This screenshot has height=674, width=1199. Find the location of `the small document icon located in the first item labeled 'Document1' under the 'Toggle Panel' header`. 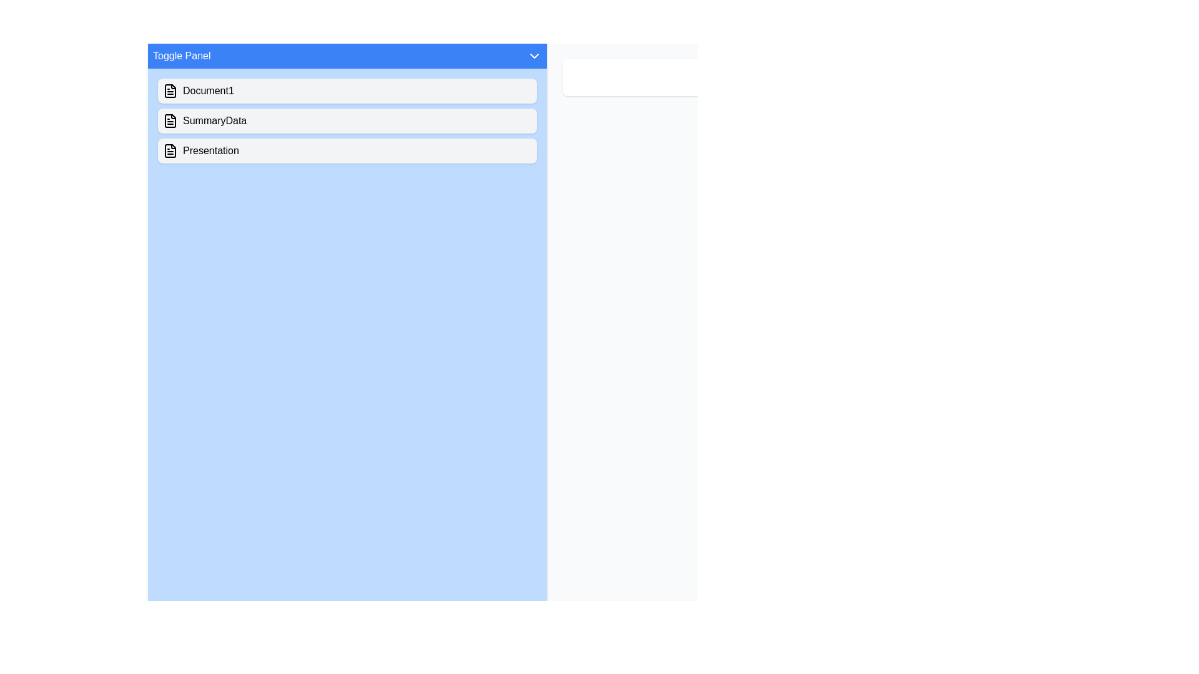

the small document icon located in the first item labeled 'Document1' under the 'Toggle Panel' header is located at coordinates (170, 90).